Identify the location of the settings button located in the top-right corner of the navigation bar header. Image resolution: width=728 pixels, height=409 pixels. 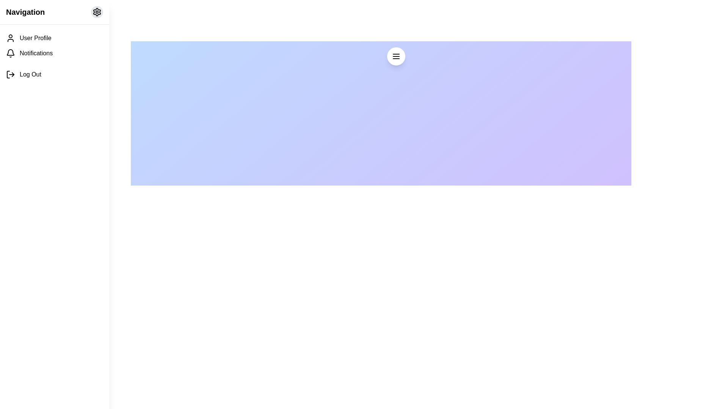
(96, 12).